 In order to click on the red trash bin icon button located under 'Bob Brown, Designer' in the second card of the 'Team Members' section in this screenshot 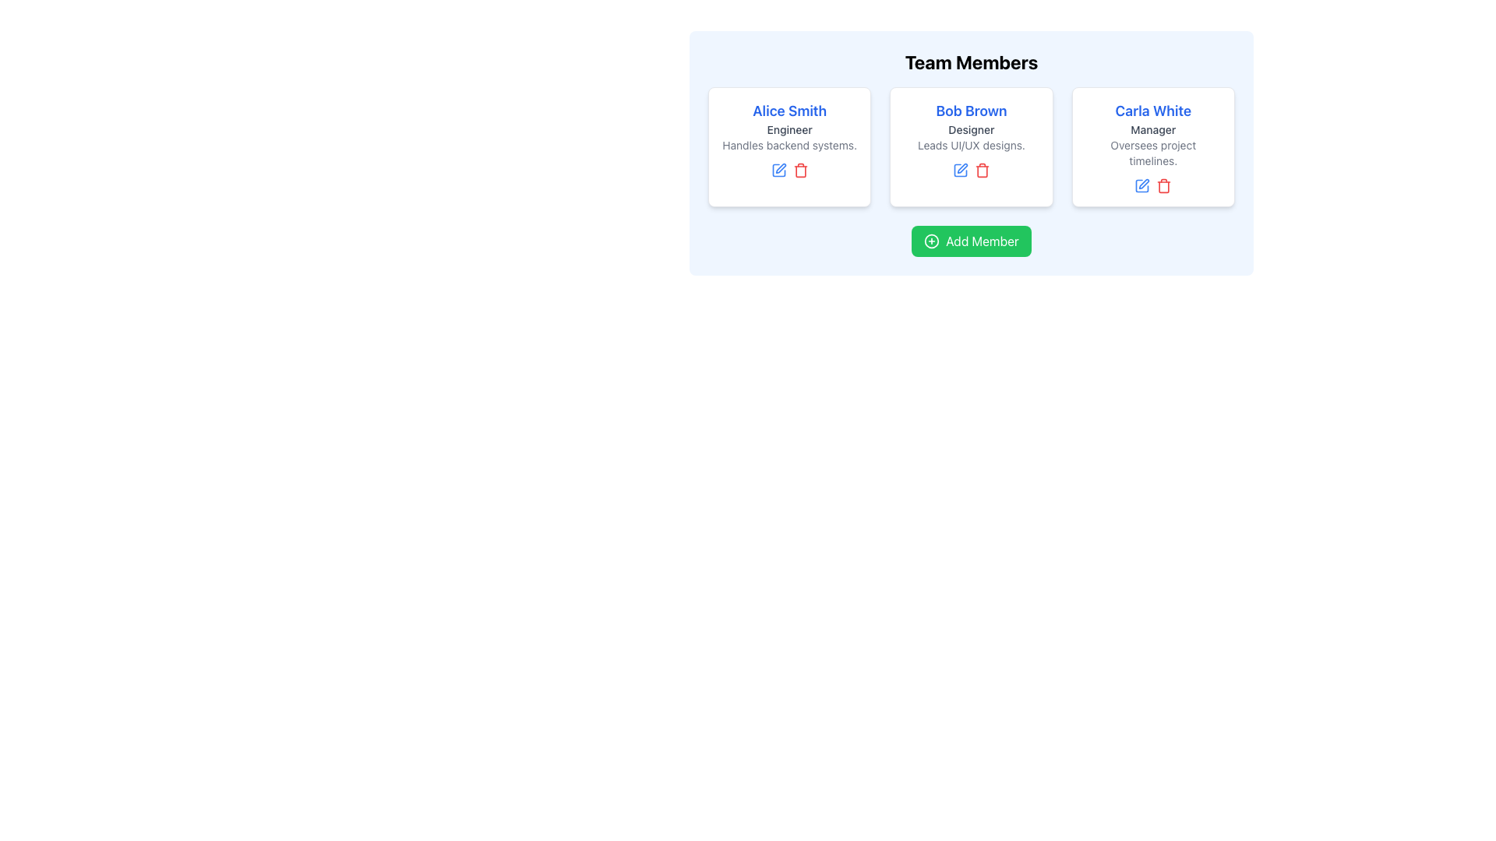, I will do `click(982, 171)`.